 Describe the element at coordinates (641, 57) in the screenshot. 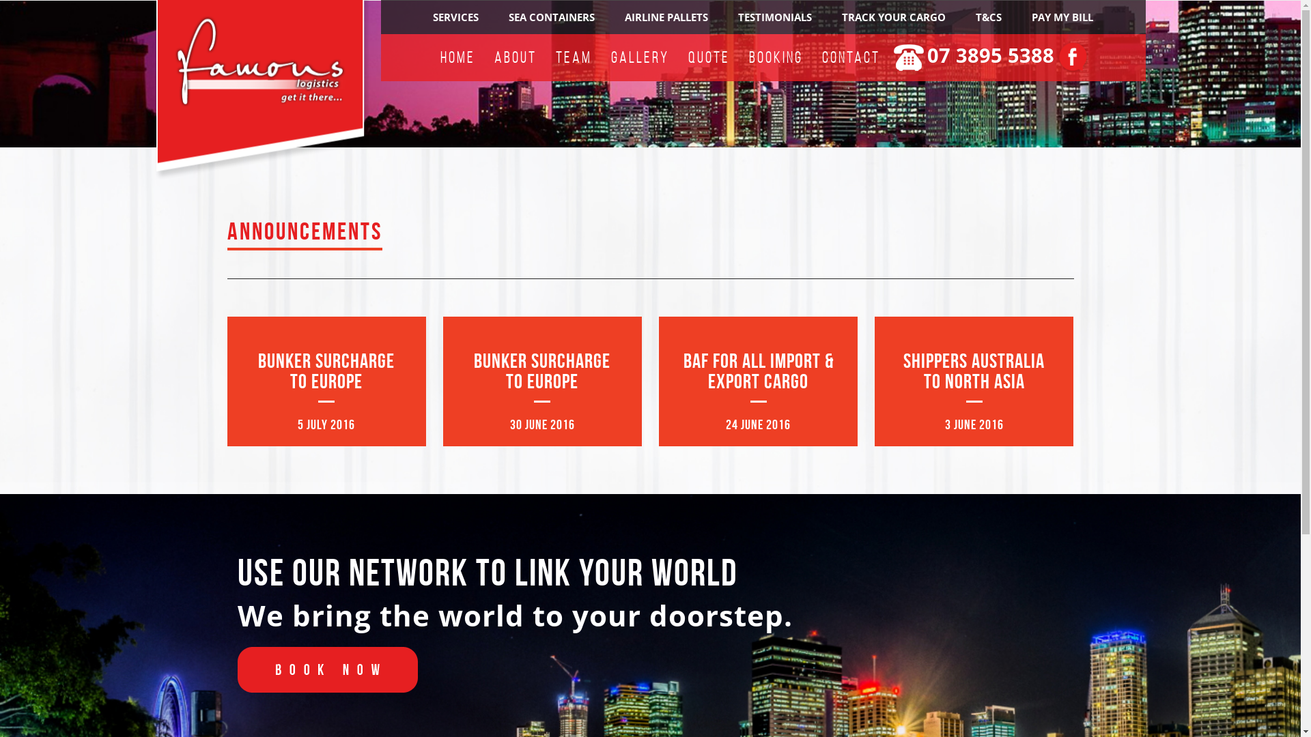

I see `'GALLERY'` at that location.